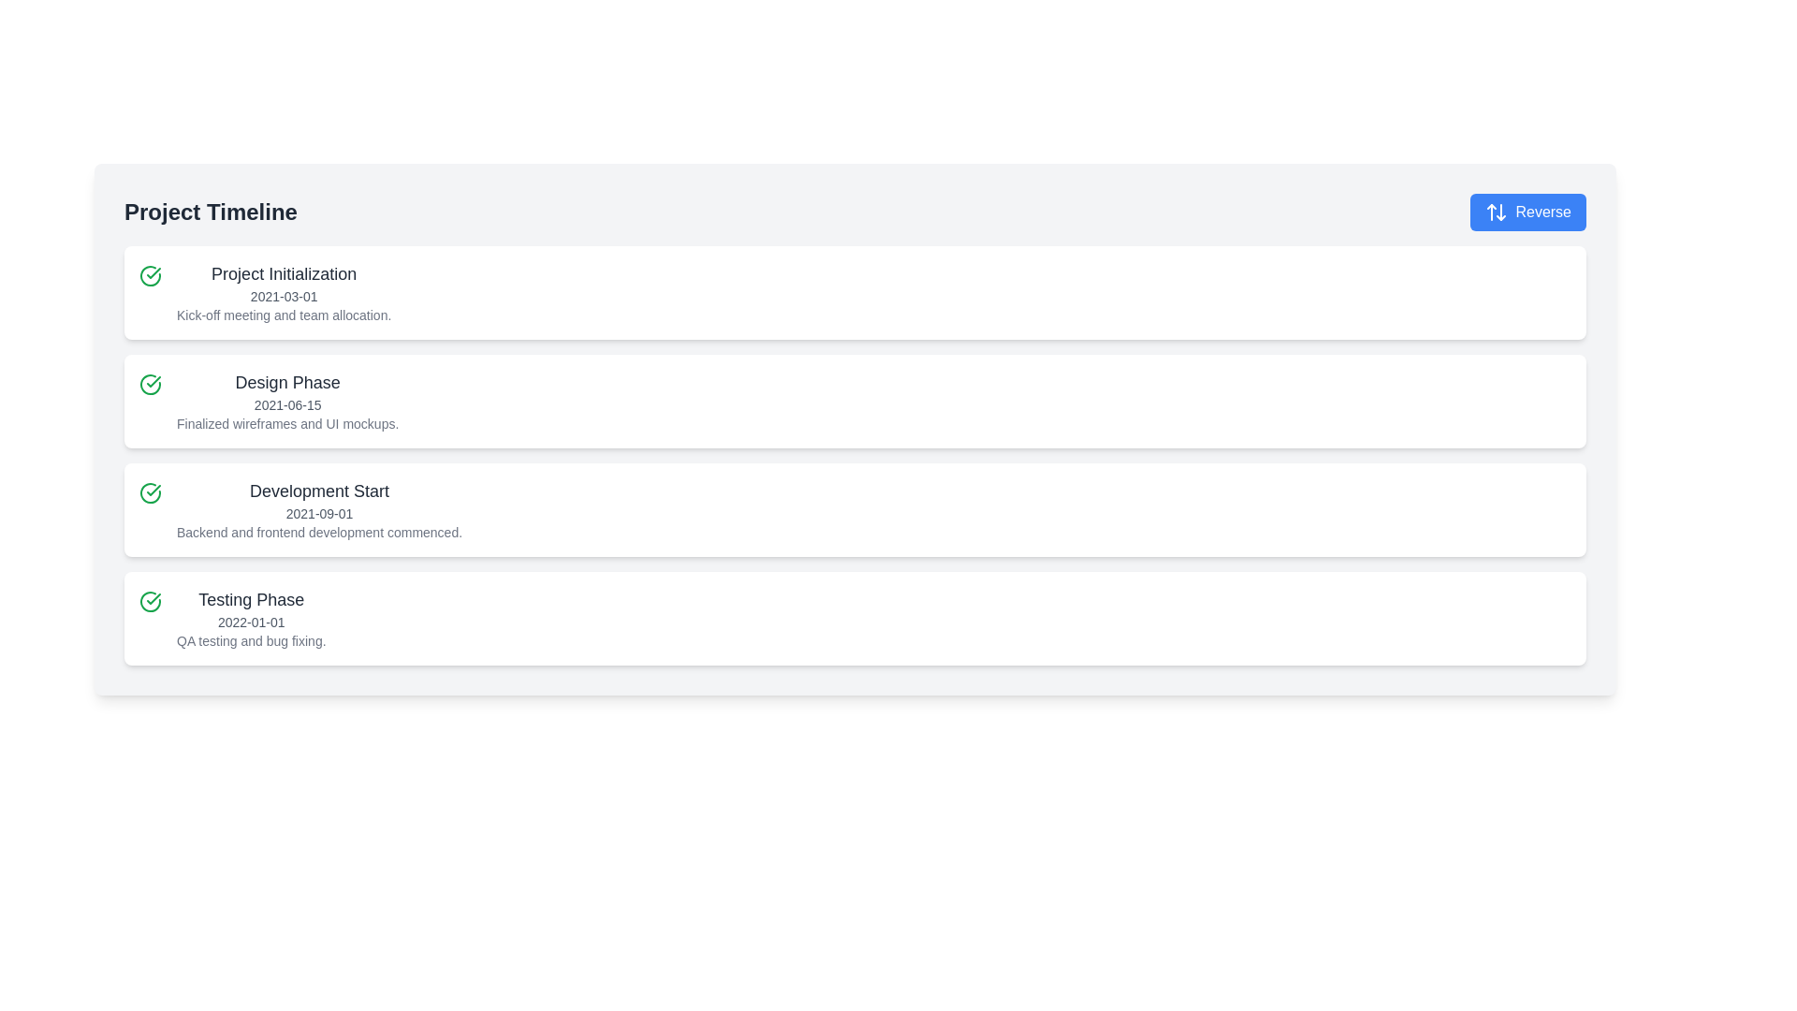 The image size is (1797, 1011). I want to click on the static text displaying '2021-09-01' which is located underneath the heading 'Development Start' in the timeline layout, so click(319, 513).